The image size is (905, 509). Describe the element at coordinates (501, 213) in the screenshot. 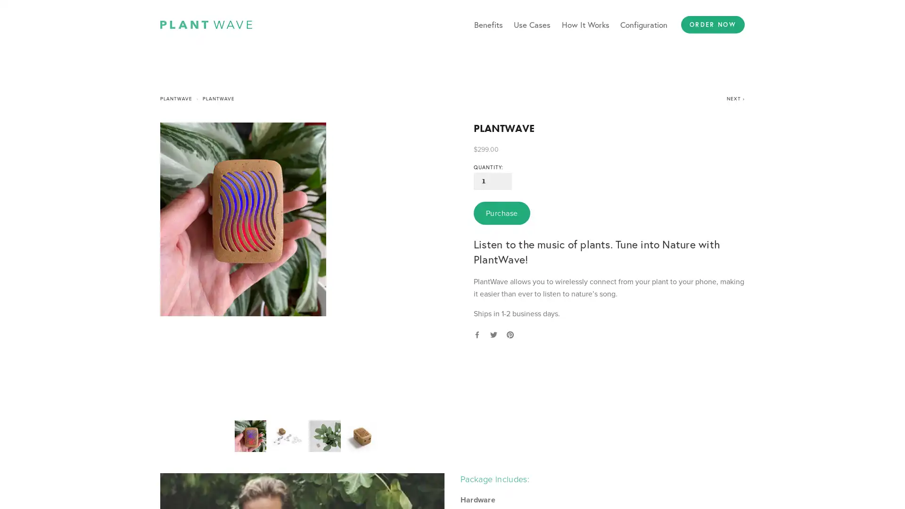

I see `Purchase` at that location.